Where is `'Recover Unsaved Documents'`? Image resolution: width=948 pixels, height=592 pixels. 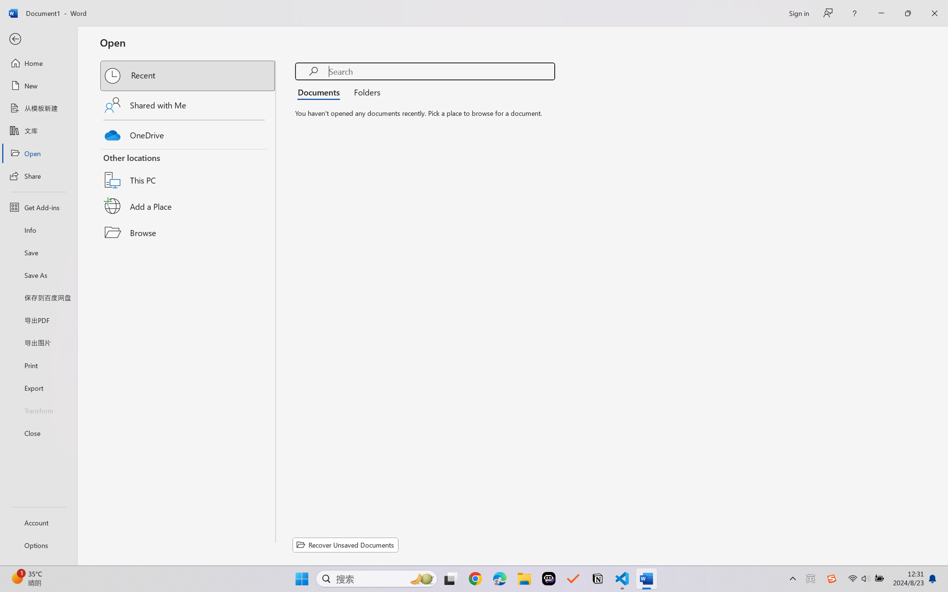 'Recover Unsaved Documents' is located at coordinates (346, 545).